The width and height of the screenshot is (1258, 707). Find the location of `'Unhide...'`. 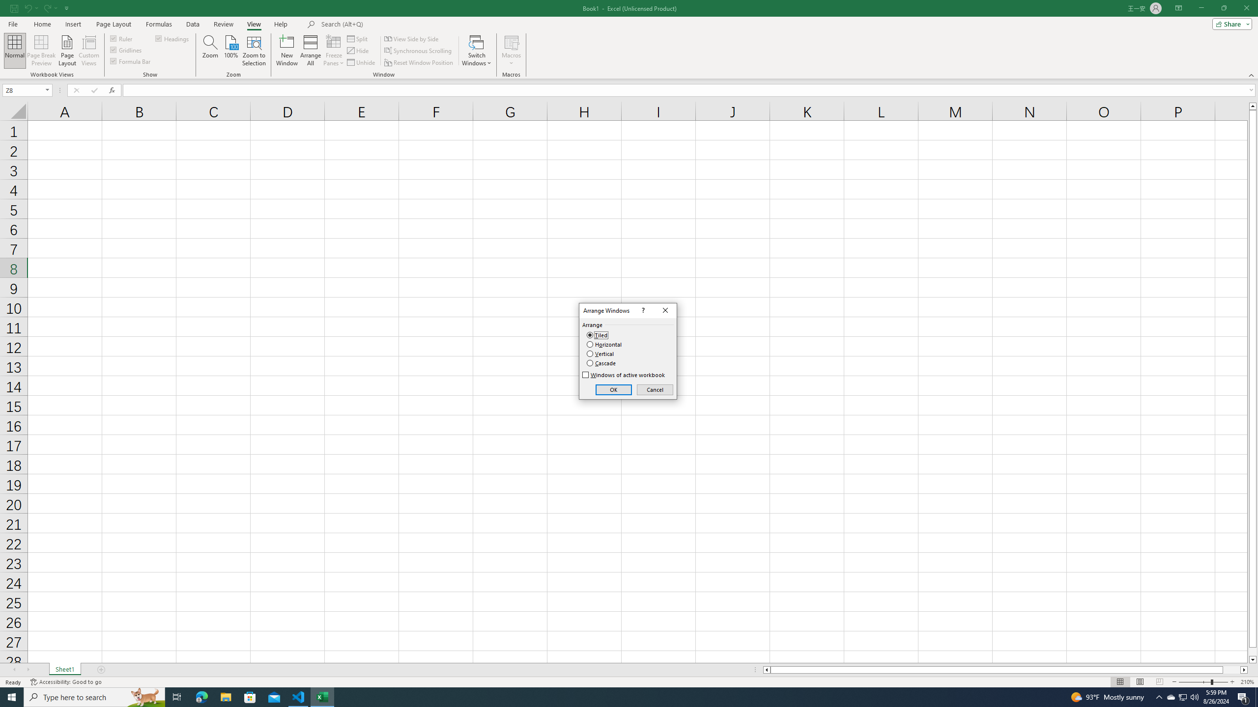

'Unhide...' is located at coordinates (362, 62).